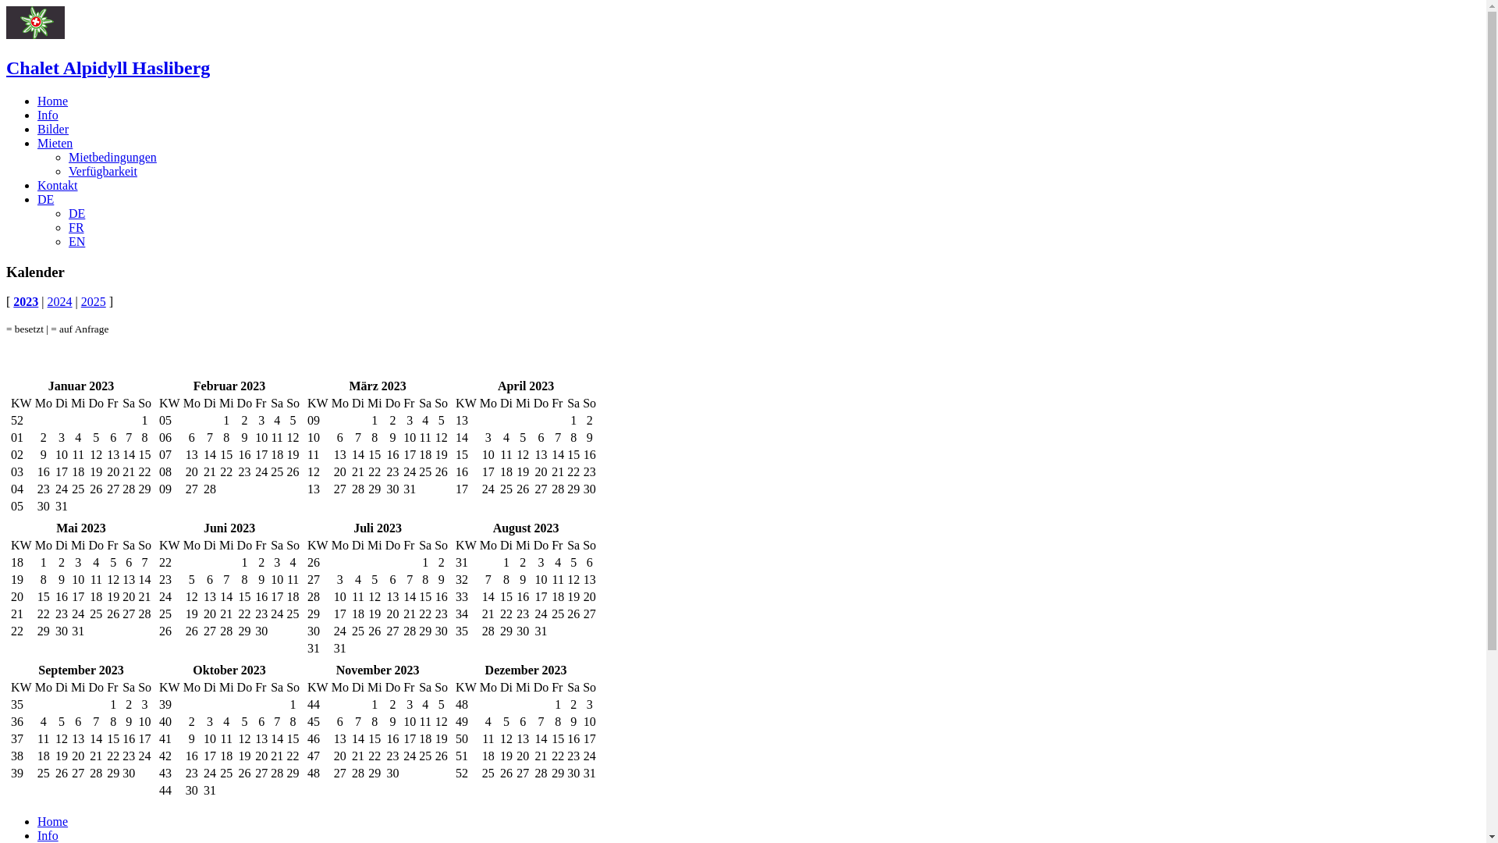  Describe the element at coordinates (37, 114) in the screenshot. I see `'Info'` at that location.